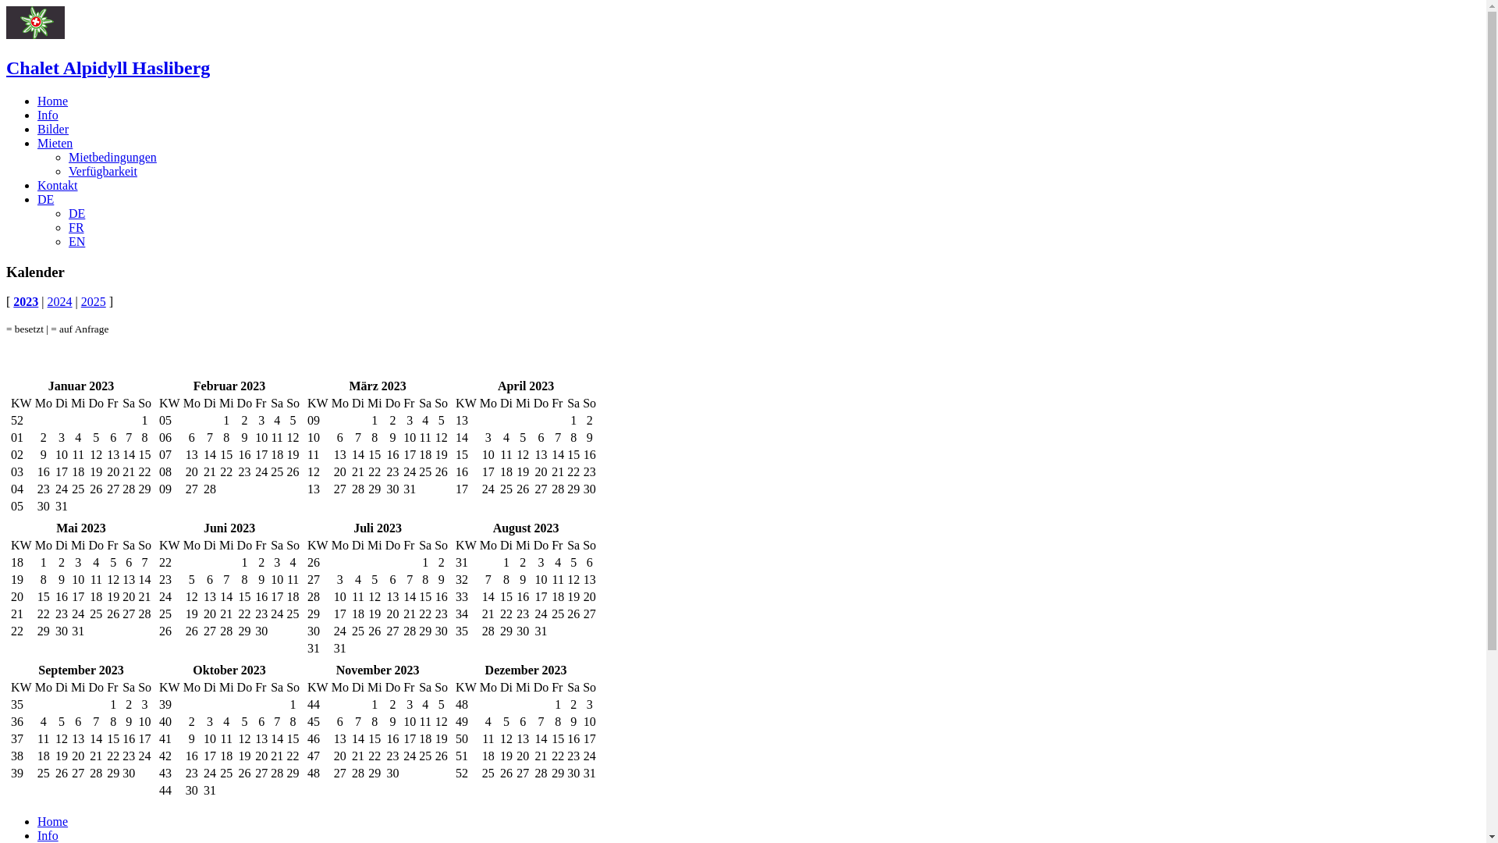  Describe the element at coordinates (37, 114) in the screenshot. I see `'Info'` at that location.